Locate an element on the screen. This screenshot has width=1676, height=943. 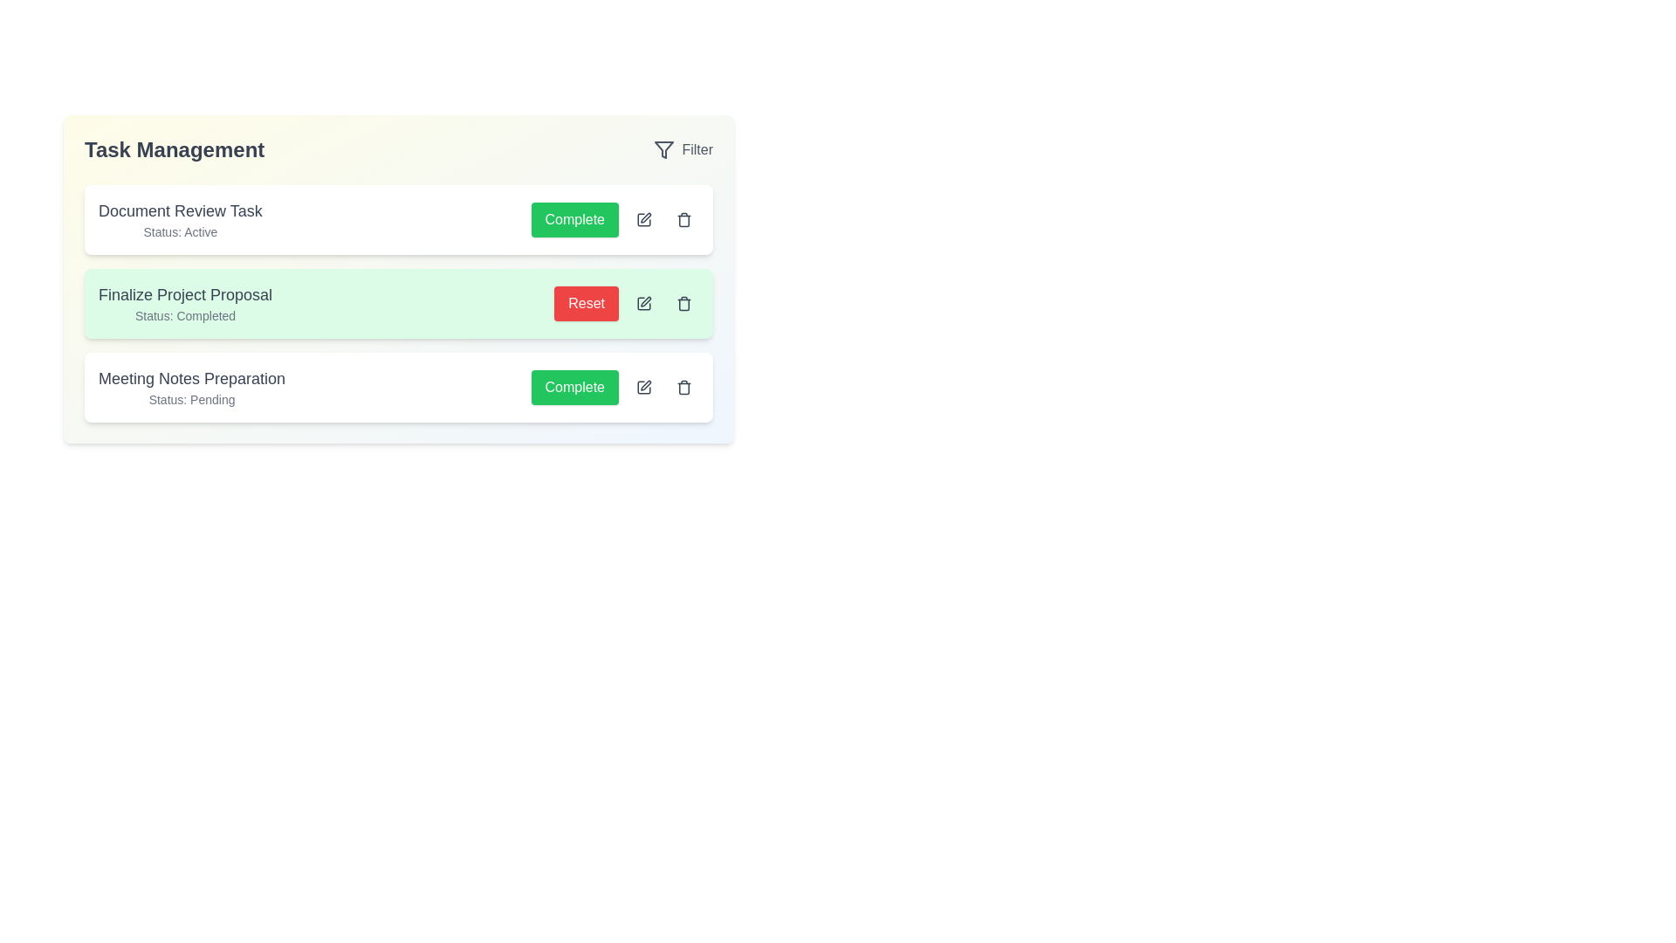
the trash icon for the task named Finalize Project Proposal is located at coordinates (683, 302).